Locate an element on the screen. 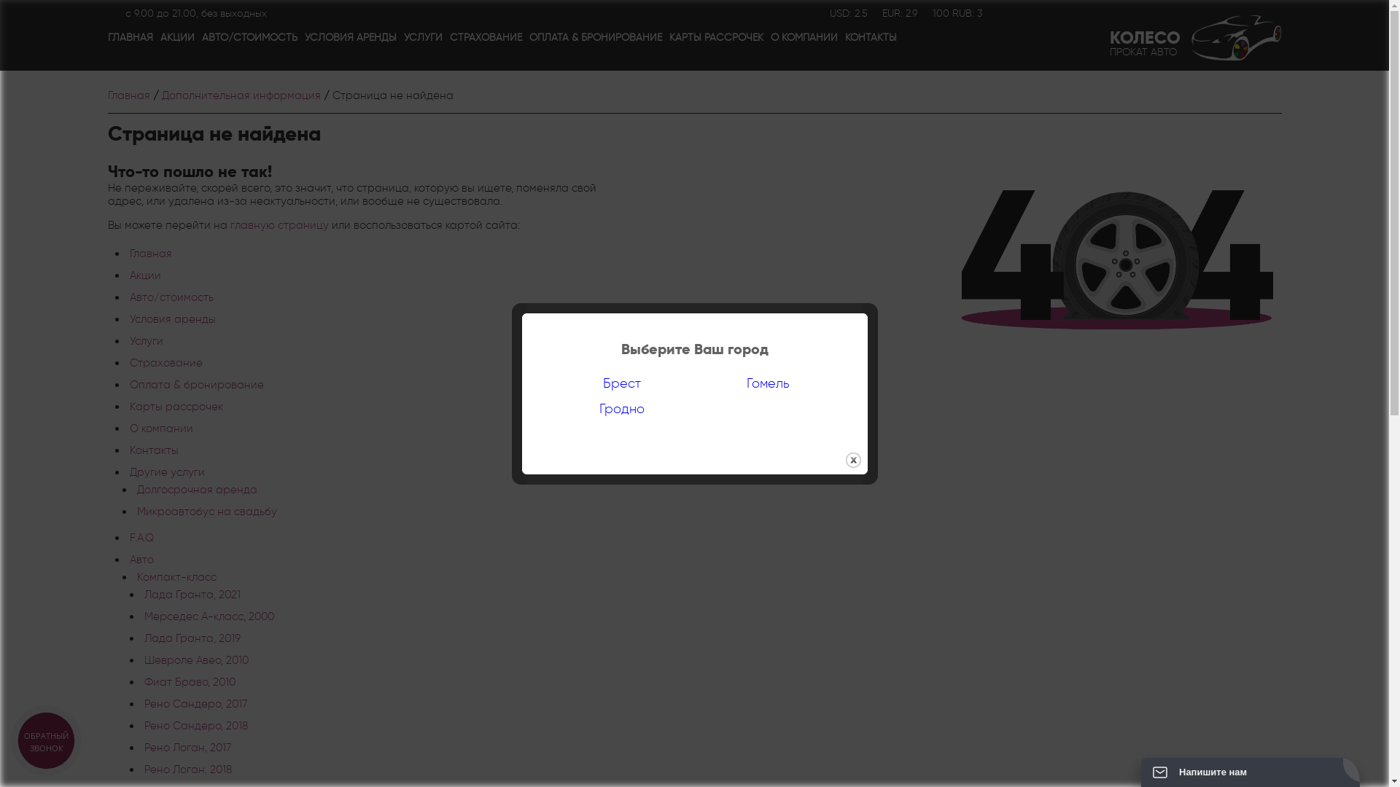 The width and height of the screenshot is (1400, 787). 'F.A.Q' is located at coordinates (141, 537).